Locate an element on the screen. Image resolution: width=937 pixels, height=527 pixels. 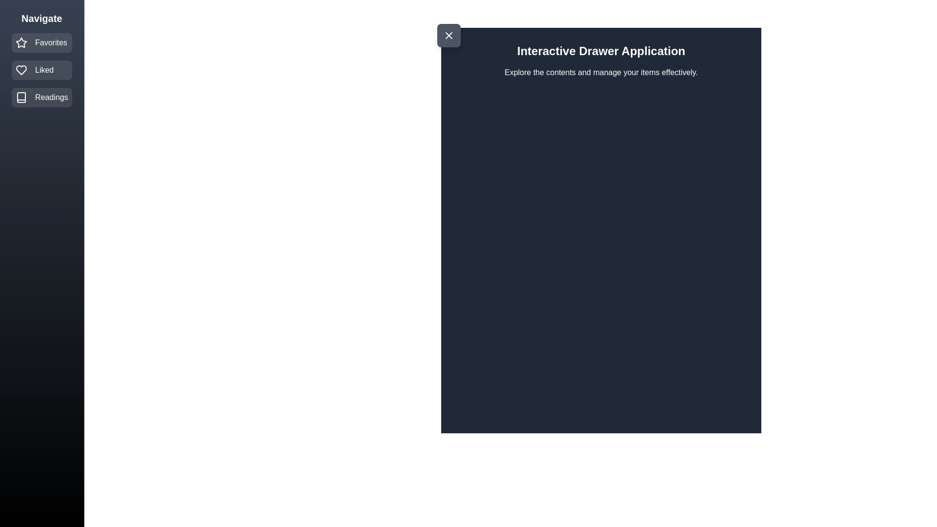
the navigation item Readings from the drawer is located at coordinates (41, 98).